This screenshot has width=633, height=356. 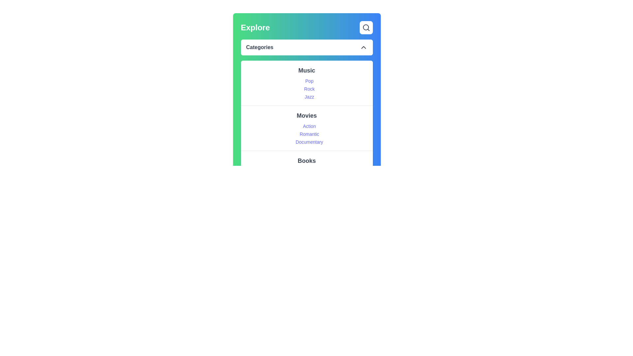 What do you see at coordinates (309, 81) in the screenshot?
I see `the clickable text link that serves as a navigation to 'Pop' music, located at the top-center of the application interface` at bounding box center [309, 81].